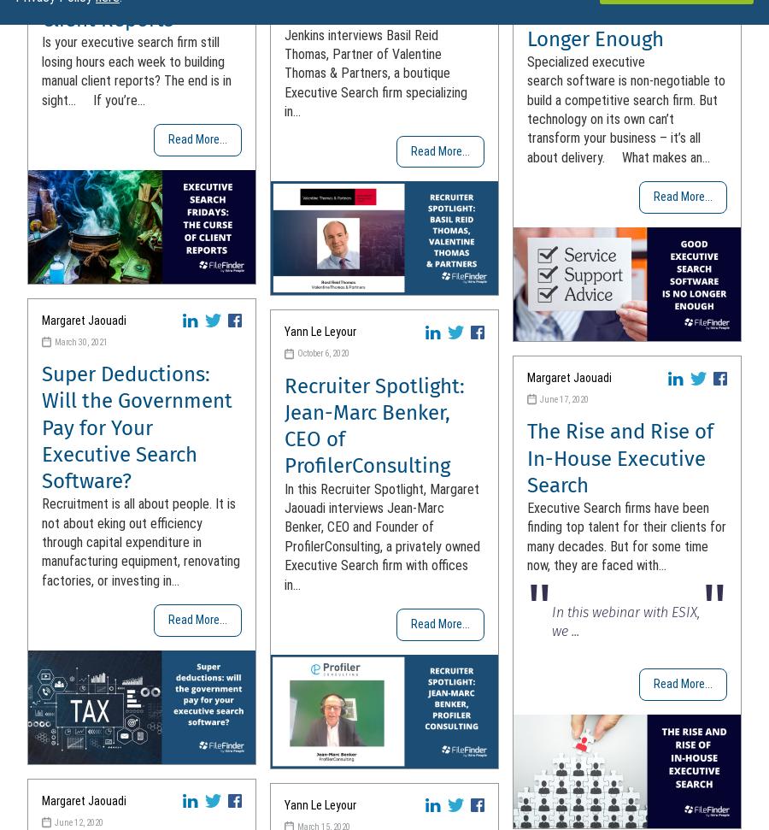 Image resolution: width=769 pixels, height=830 pixels. I want to click on 'Specialized executive search software is non-negotiable to build a competitive search firm. But technology on its own can’t transform your business – it’s all about delivery.     What makes an...', so click(625, 109).